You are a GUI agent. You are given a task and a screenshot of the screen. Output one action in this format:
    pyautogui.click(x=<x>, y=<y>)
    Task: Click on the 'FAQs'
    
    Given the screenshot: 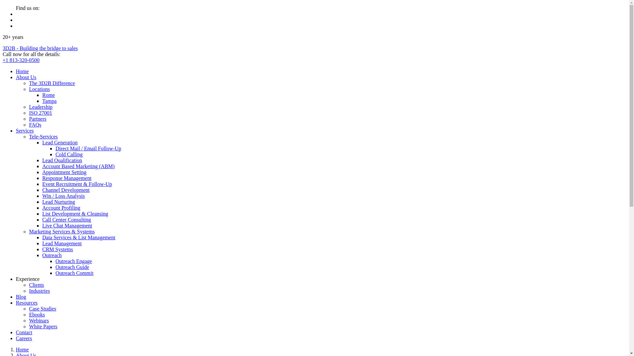 What is the action you would take?
    pyautogui.click(x=35, y=125)
    